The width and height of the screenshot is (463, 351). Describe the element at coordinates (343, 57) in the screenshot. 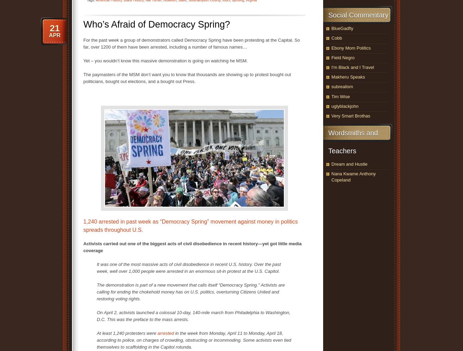

I see `'Field Negro'` at that location.